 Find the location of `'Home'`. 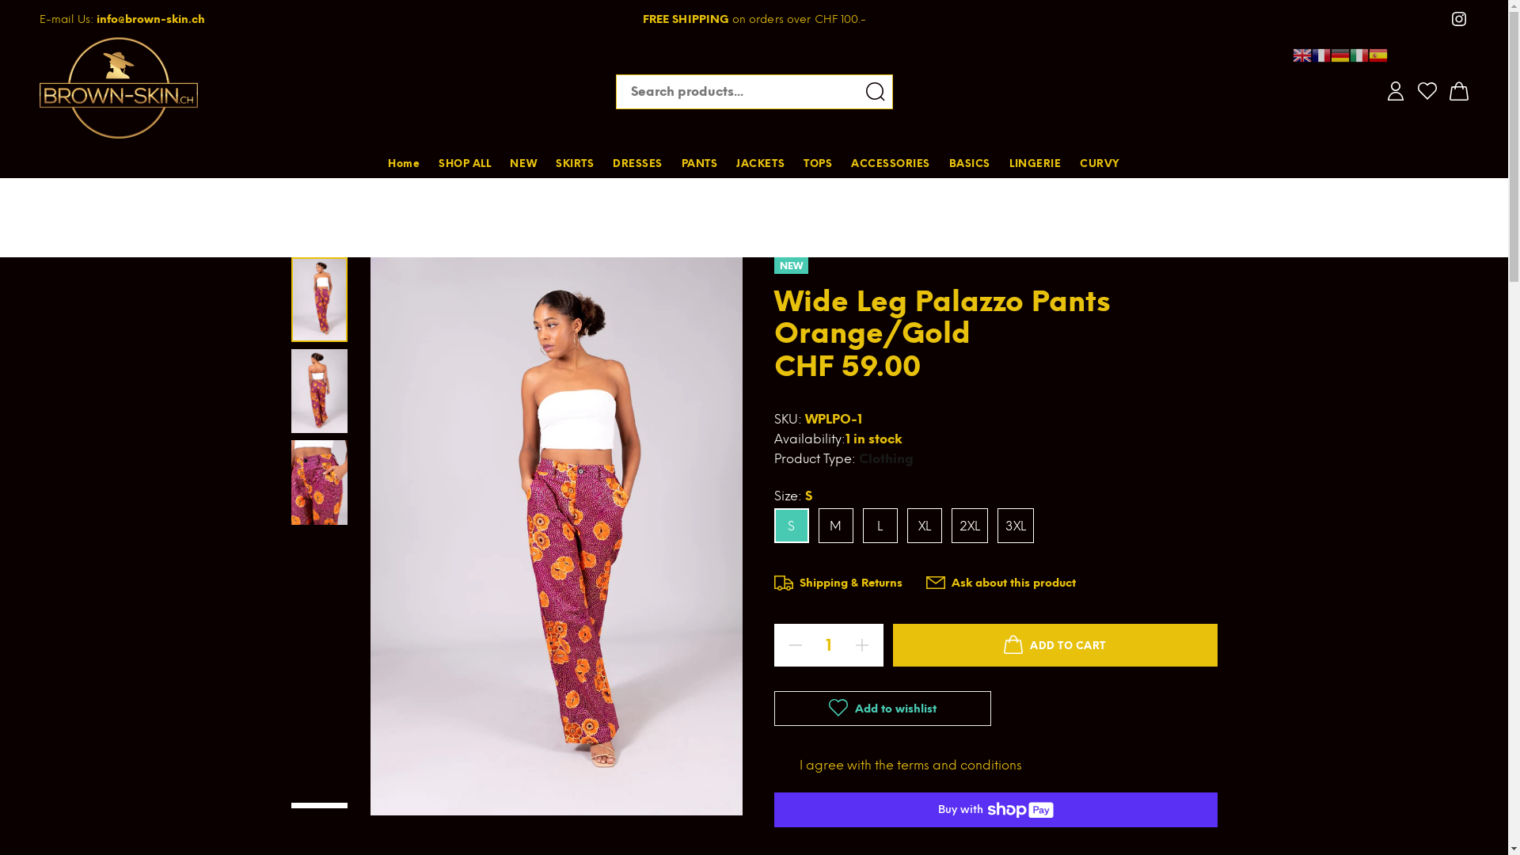

'Home' is located at coordinates (408, 162).